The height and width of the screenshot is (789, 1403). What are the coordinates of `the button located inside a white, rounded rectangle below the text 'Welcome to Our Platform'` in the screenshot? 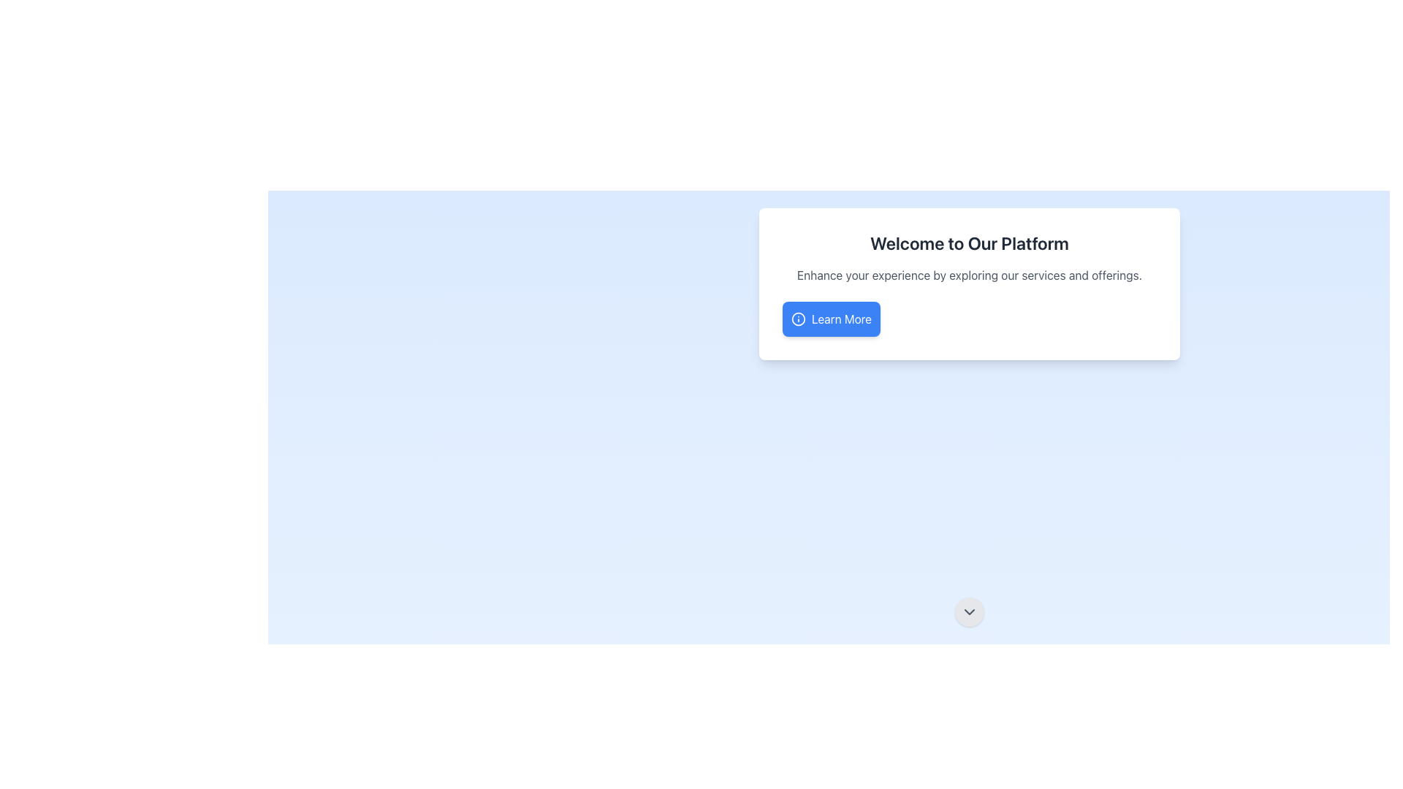 It's located at (831, 318).